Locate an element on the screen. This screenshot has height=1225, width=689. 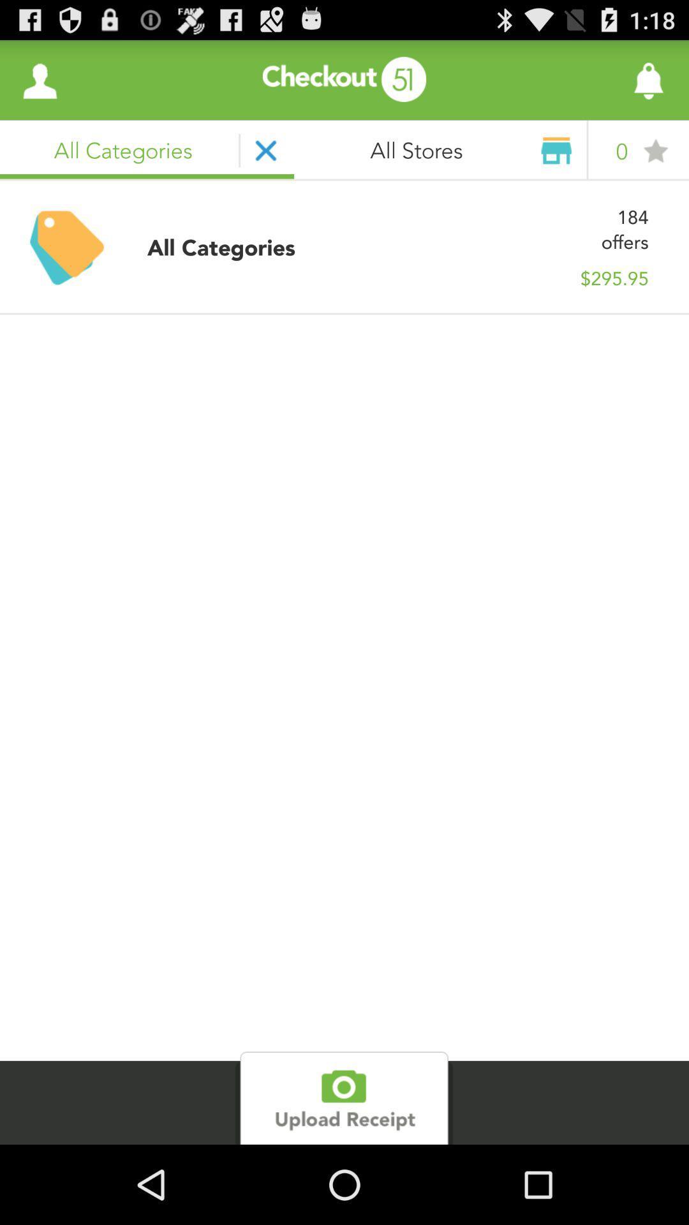
the avatar icon is located at coordinates (39, 85).